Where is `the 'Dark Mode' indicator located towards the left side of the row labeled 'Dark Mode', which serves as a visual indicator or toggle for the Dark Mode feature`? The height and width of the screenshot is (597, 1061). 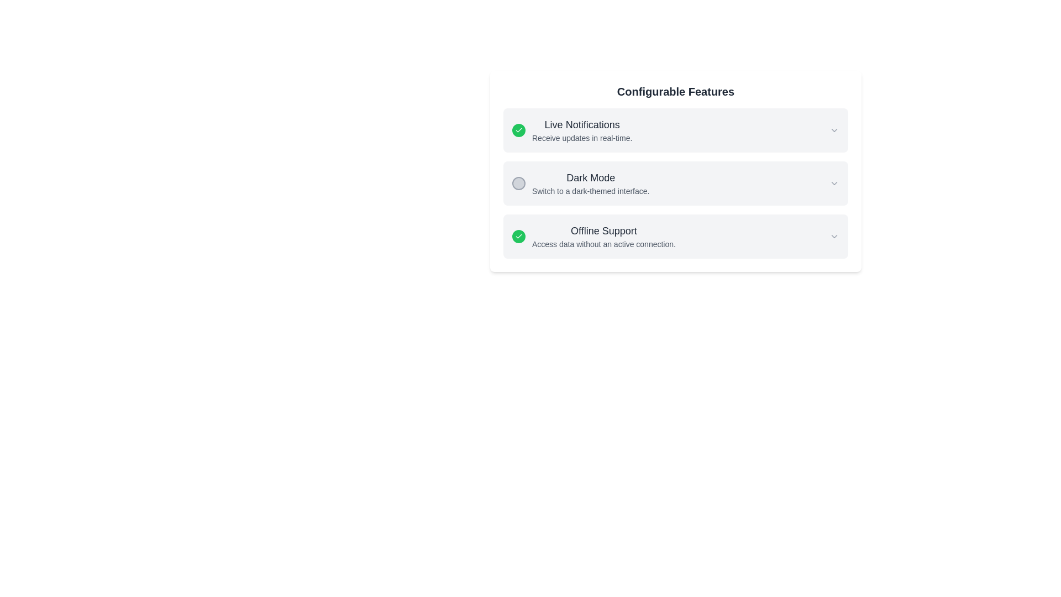 the 'Dark Mode' indicator located towards the left side of the row labeled 'Dark Mode', which serves as a visual indicator or toggle for the Dark Mode feature is located at coordinates (518, 182).